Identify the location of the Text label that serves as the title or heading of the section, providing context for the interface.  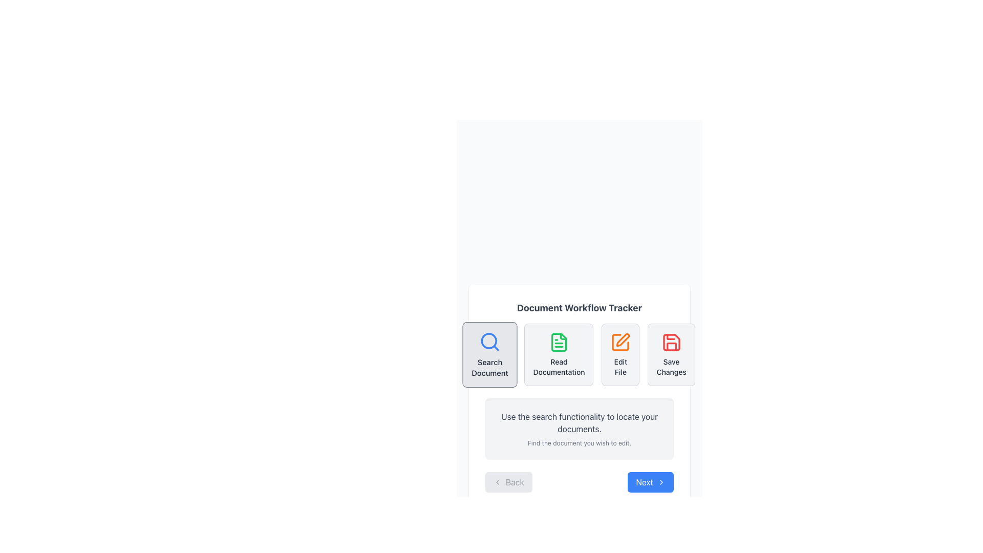
(580, 307).